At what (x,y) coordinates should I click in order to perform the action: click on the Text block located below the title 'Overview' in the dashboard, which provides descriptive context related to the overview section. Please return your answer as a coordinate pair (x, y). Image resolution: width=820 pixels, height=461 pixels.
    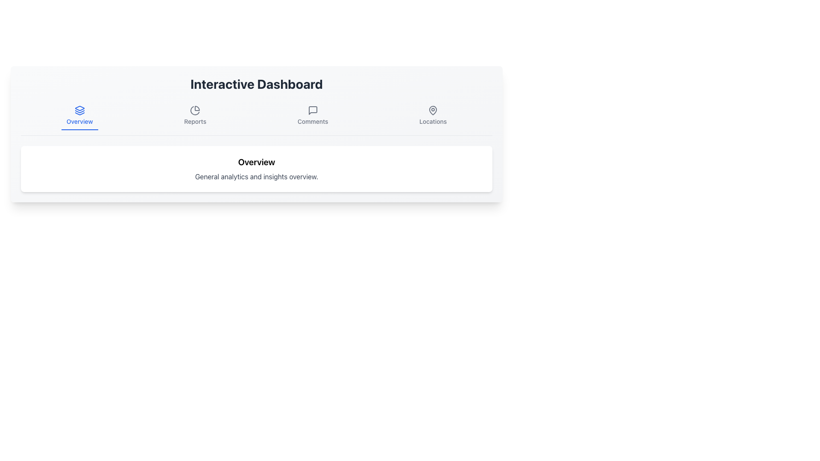
    Looking at the image, I should click on (256, 176).